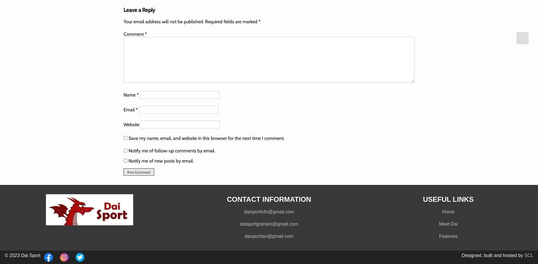  I want to click on 'Required fields are marked', so click(231, 21).